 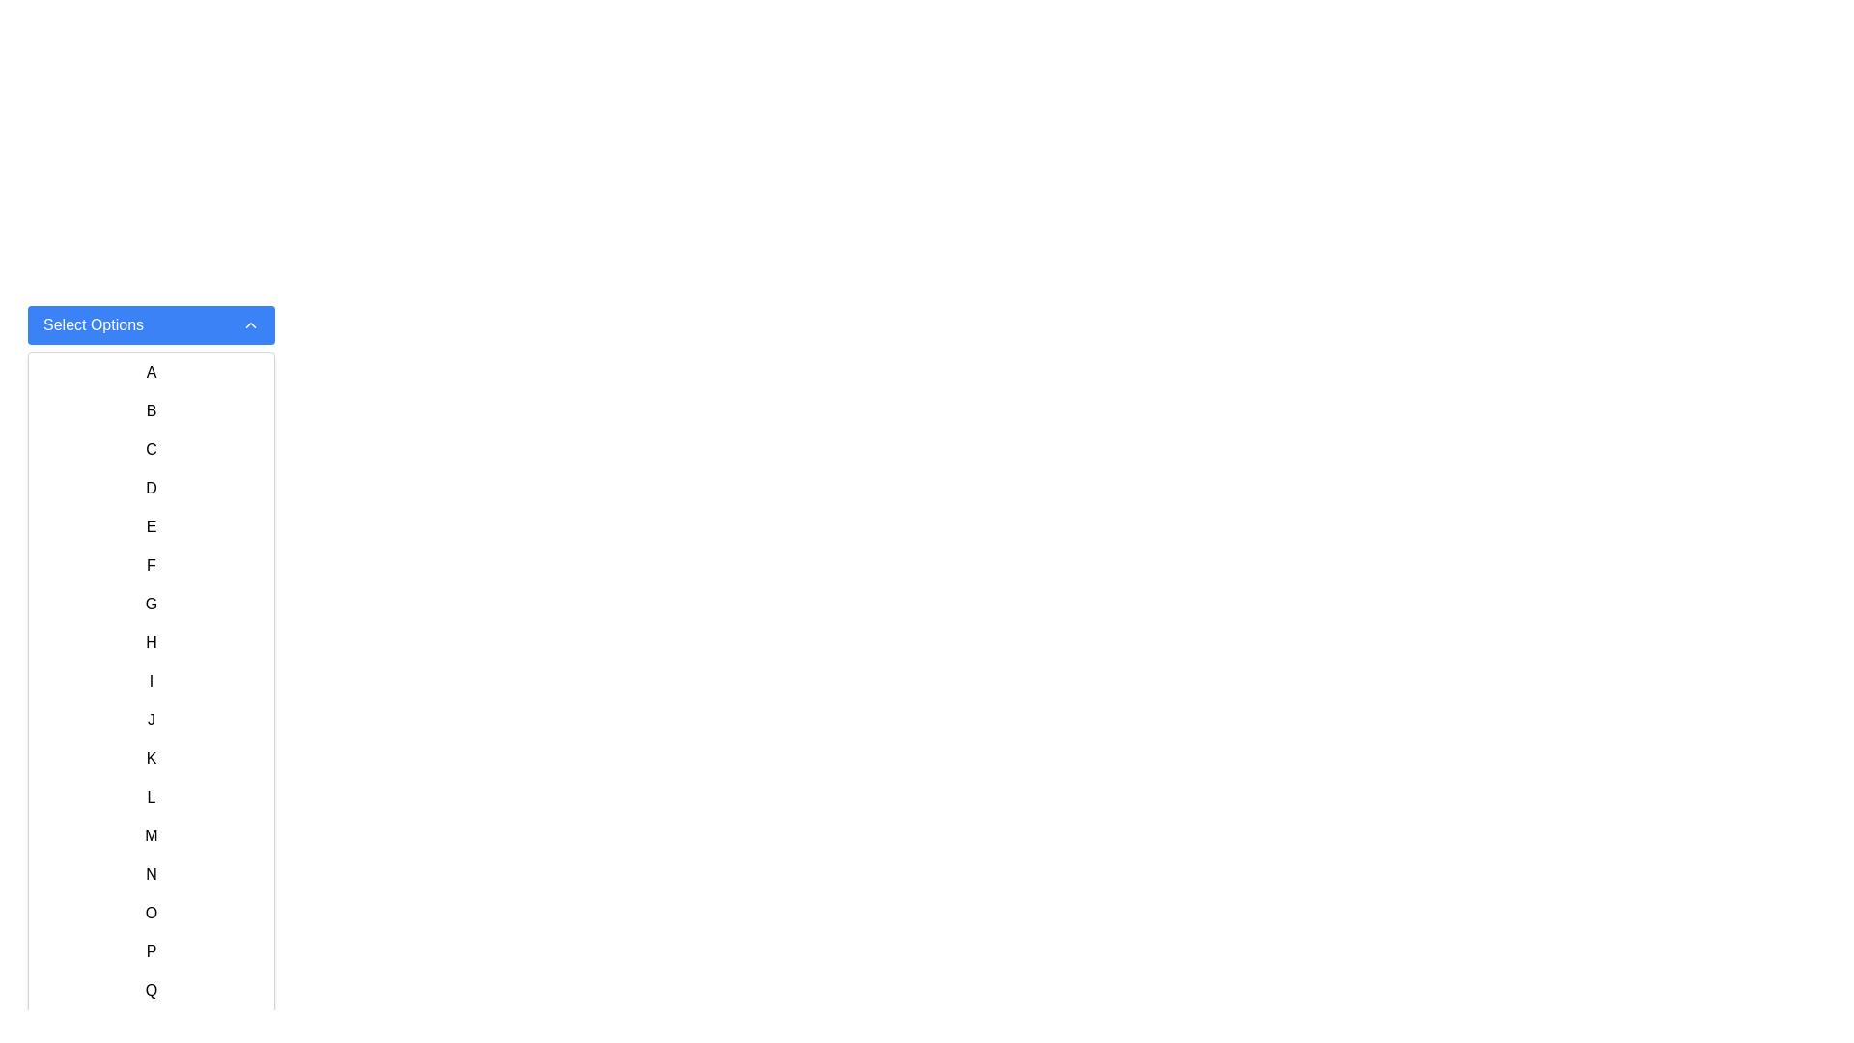 What do you see at coordinates (151, 875) in the screenshot?
I see `the list item representing the letter 'N'` at bounding box center [151, 875].